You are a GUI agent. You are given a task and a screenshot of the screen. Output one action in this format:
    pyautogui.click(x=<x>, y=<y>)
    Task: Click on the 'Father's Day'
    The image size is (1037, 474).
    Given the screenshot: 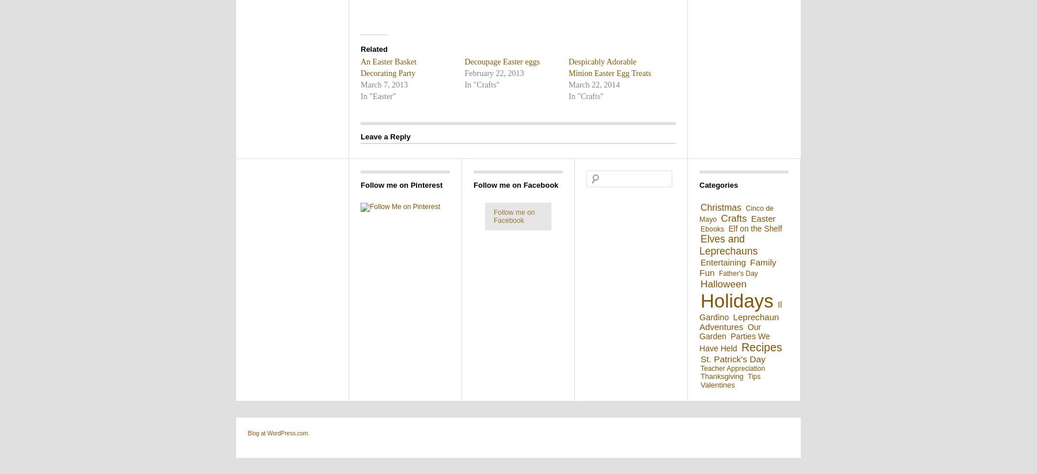 What is the action you would take?
    pyautogui.click(x=738, y=273)
    